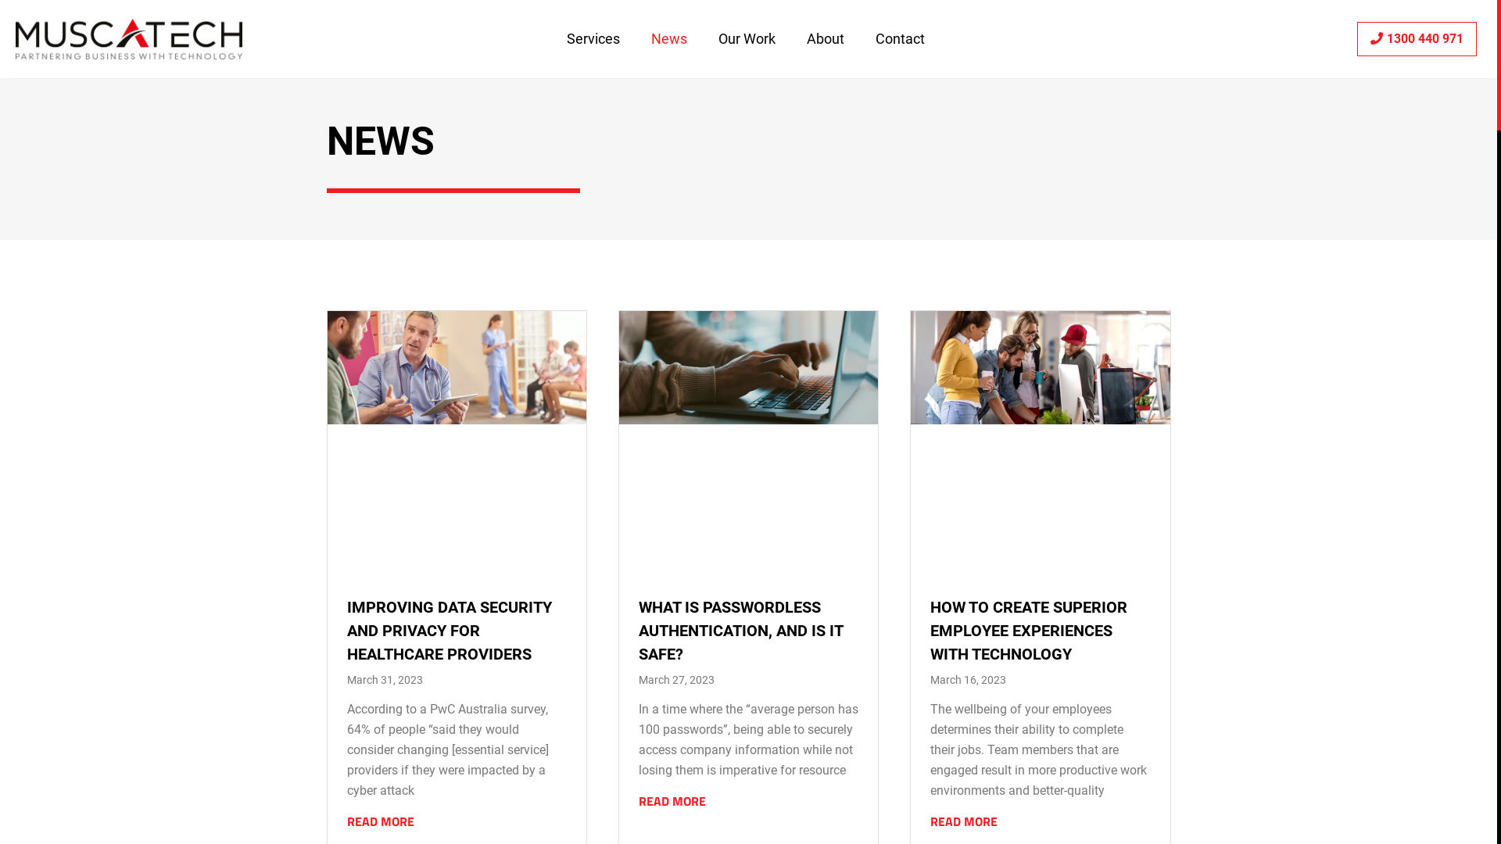 The image size is (1501, 844). What do you see at coordinates (746, 38) in the screenshot?
I see `'Our Work'` at bounding box center [746, 38].